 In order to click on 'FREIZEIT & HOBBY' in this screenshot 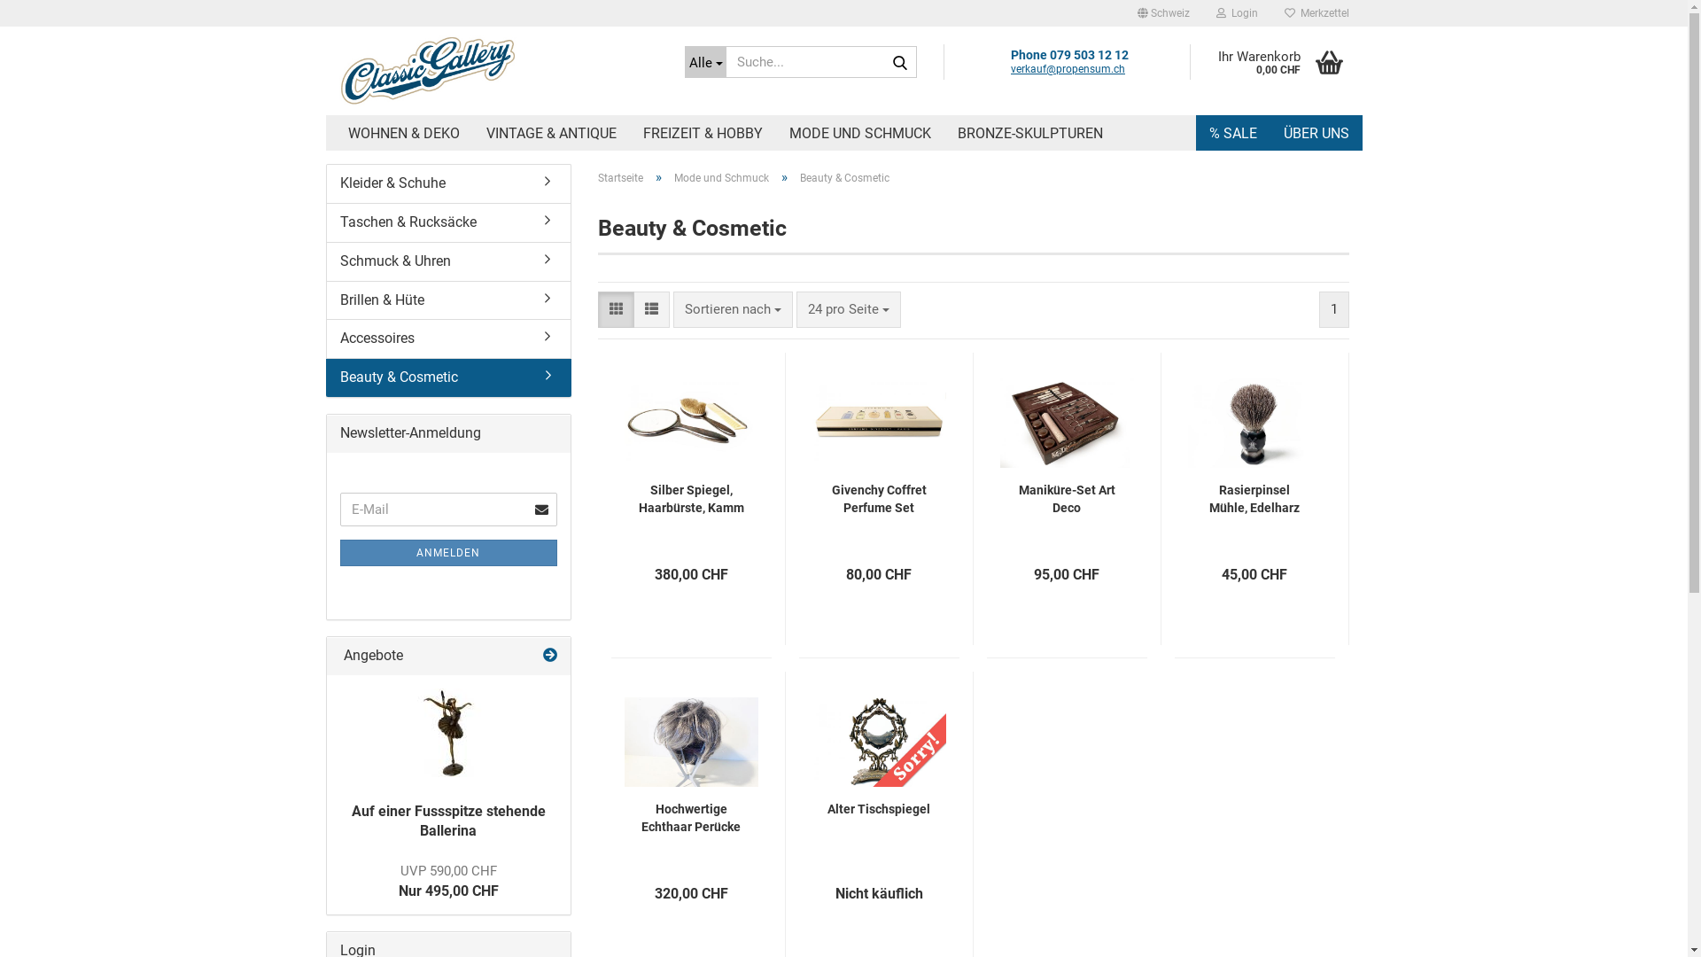, I will do `click(701, 132)`.